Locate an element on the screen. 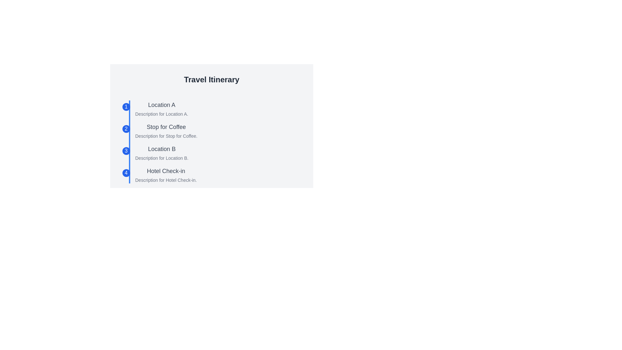 This screenshot has height=350, width=622. the circular blue Step Indicator Badge containing the white number '3', which is positioned to the left of the text 'Location B' is located at coordinates (126, 151).